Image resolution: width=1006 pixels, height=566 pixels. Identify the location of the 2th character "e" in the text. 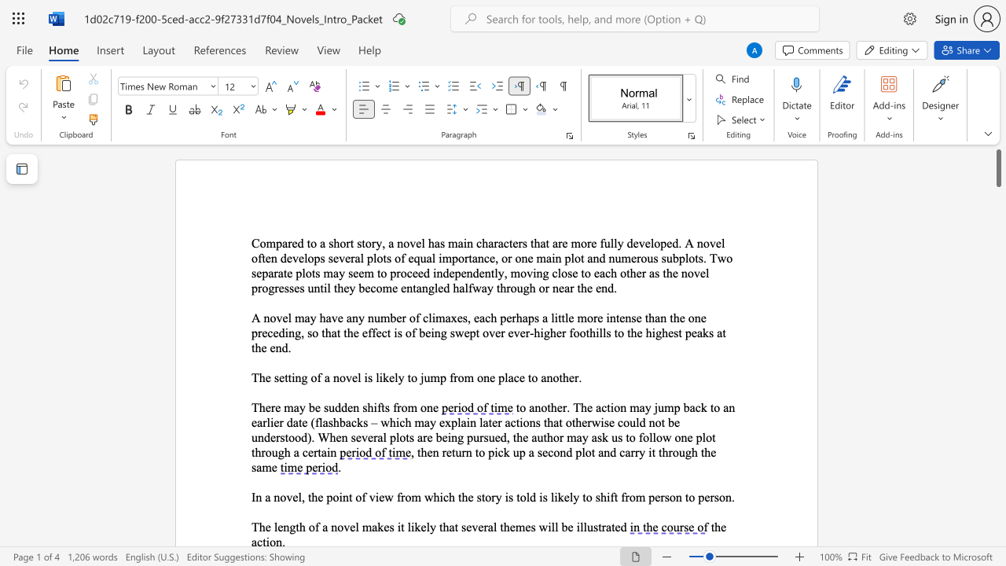
(340, 318).